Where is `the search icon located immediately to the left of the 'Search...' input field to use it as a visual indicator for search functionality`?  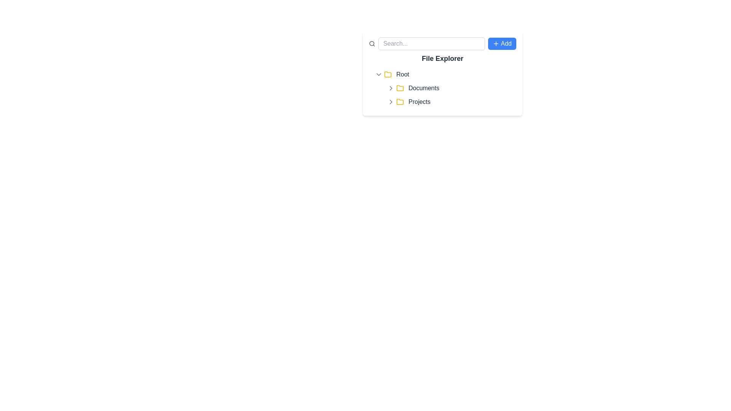 the search icon located immediately to the left of the 'Search...' input field to use it as a visual indicator for search functionality is located at coordinates (372, 44).